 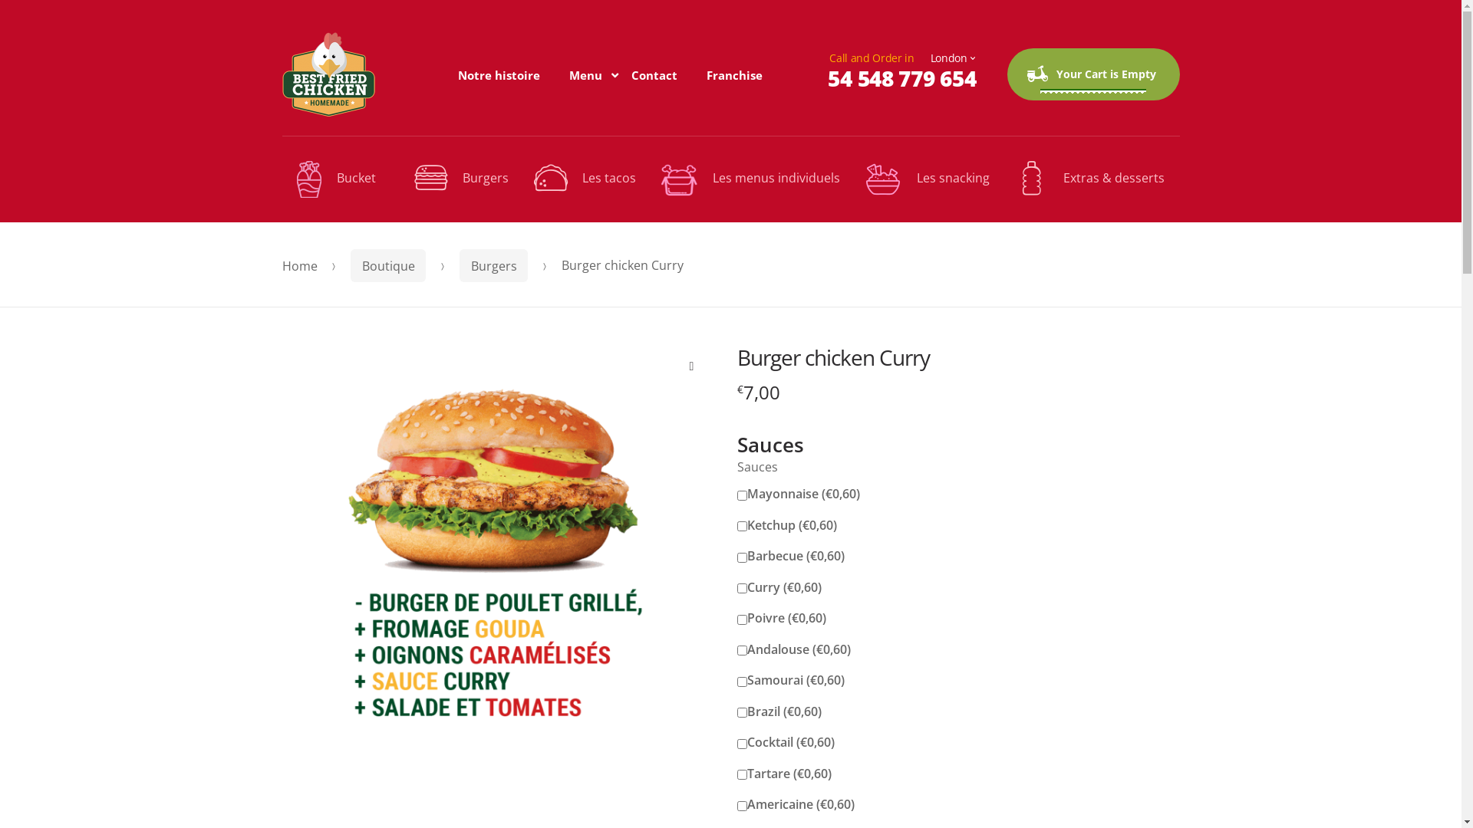 What do you see at coordinates (1092, 74) in the screenshot?
I see `'Your Cart is Empty'` at bounding box center [1092, 74].